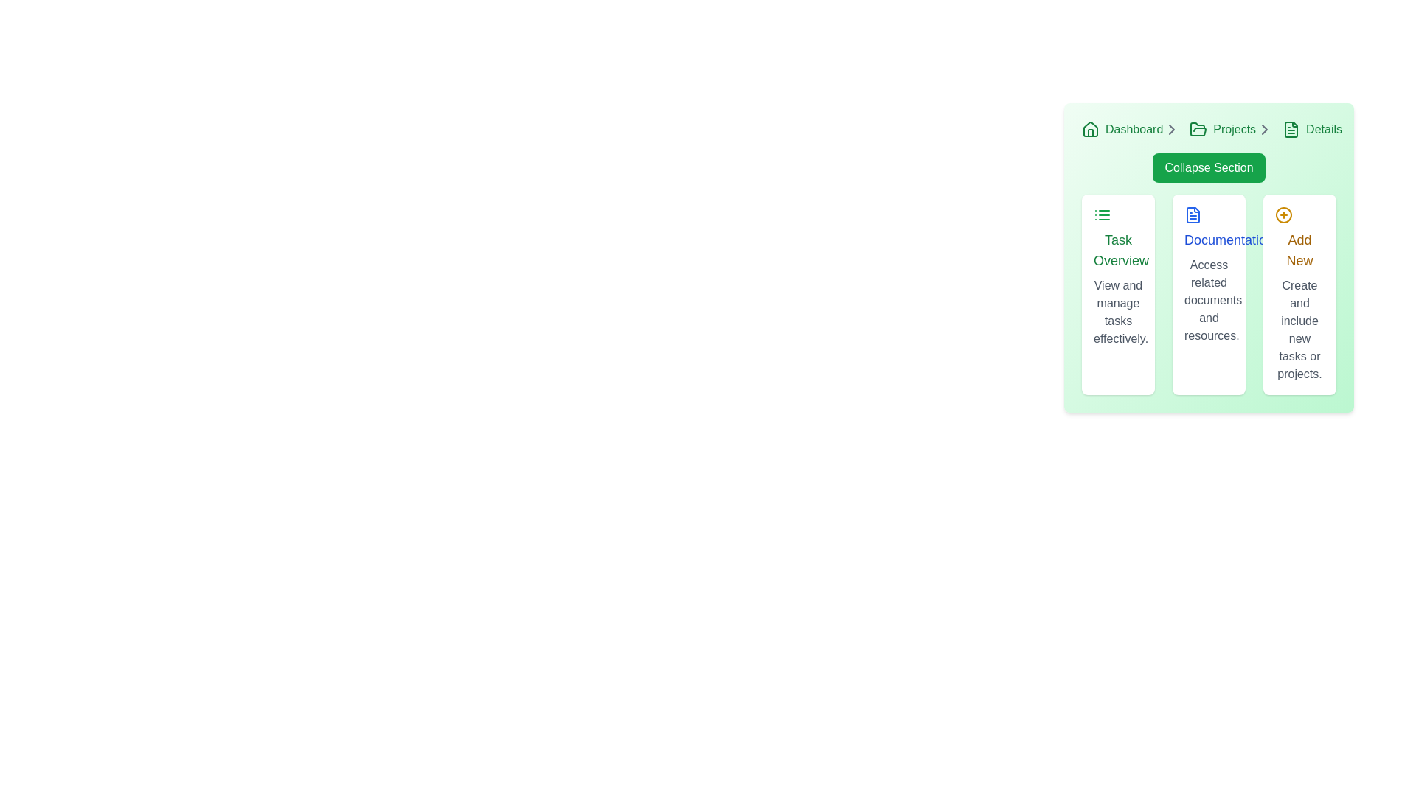 This screenshot has width=1416, height=796. I want to click on the Chevron/Arrow icon in the breadcrumb navigation, which serves as a visual cue for further navigation steps, located immediately to the right of the 'Projects' text, so click(1264, 129).